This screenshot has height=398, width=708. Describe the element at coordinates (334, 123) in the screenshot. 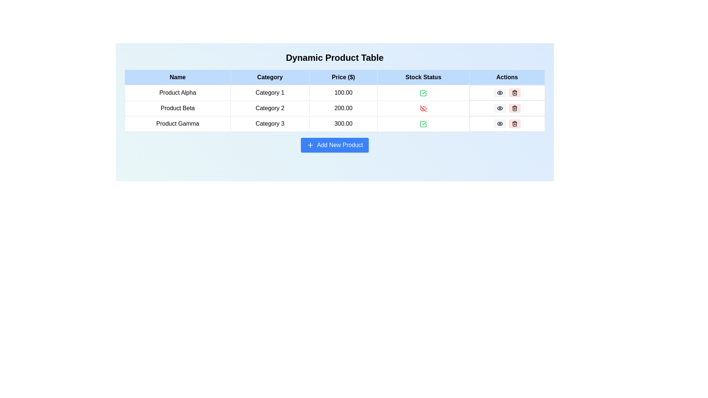

I see `on the third row of the product table` at that location.